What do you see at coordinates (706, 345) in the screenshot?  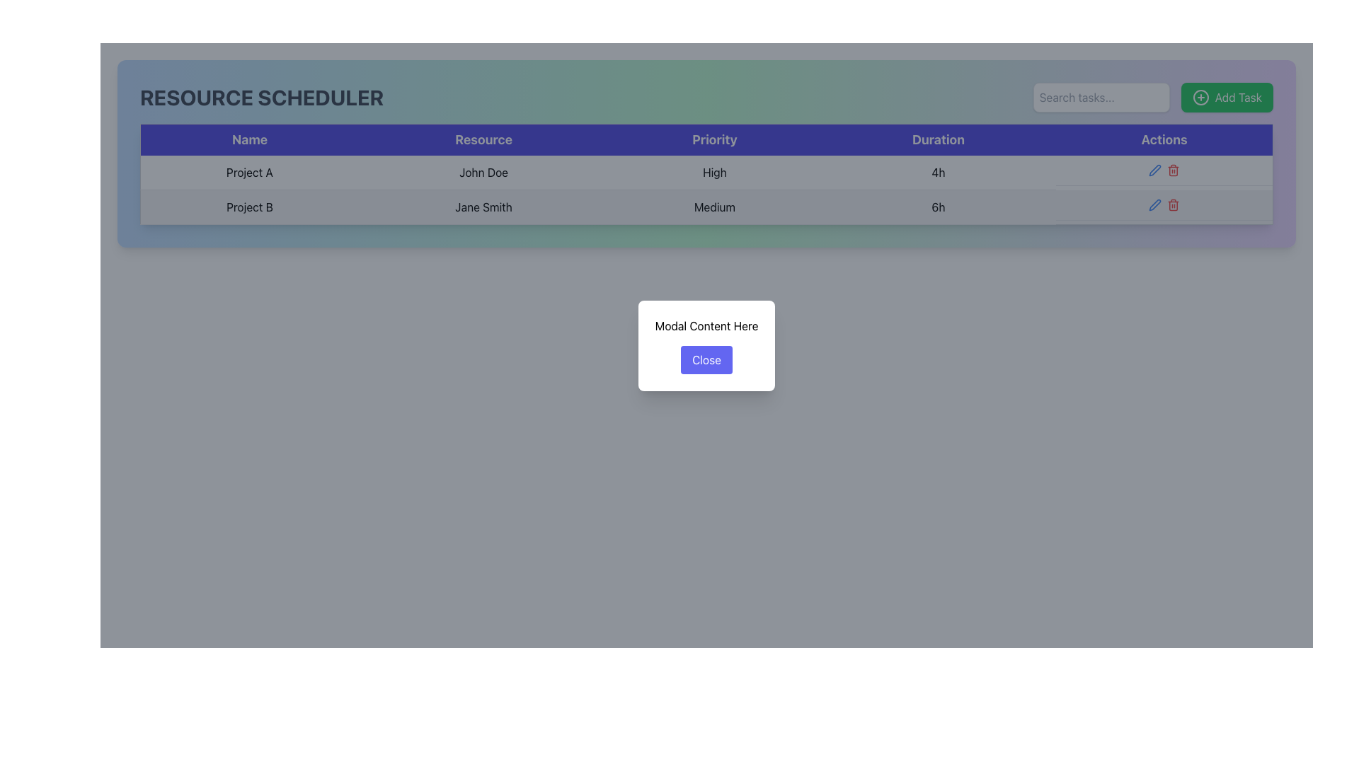 I see `the 'Close' button in the modal box labeled 'Close'` at bounding box center [706, 345].